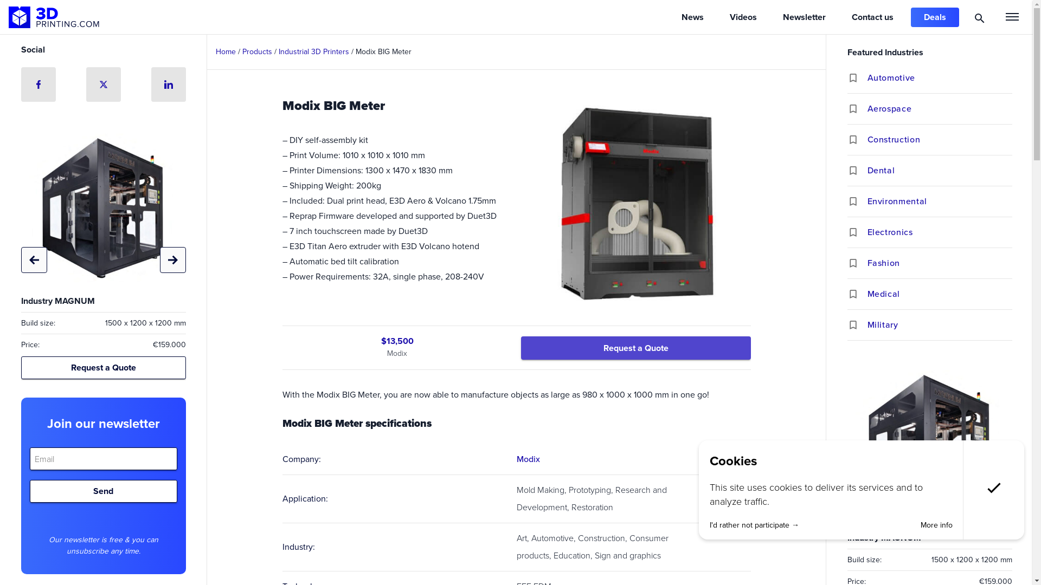  What do you see at coordinates (866, 171) in the screenshot?
I see `'Dental'` at bounding box center [866, 171].